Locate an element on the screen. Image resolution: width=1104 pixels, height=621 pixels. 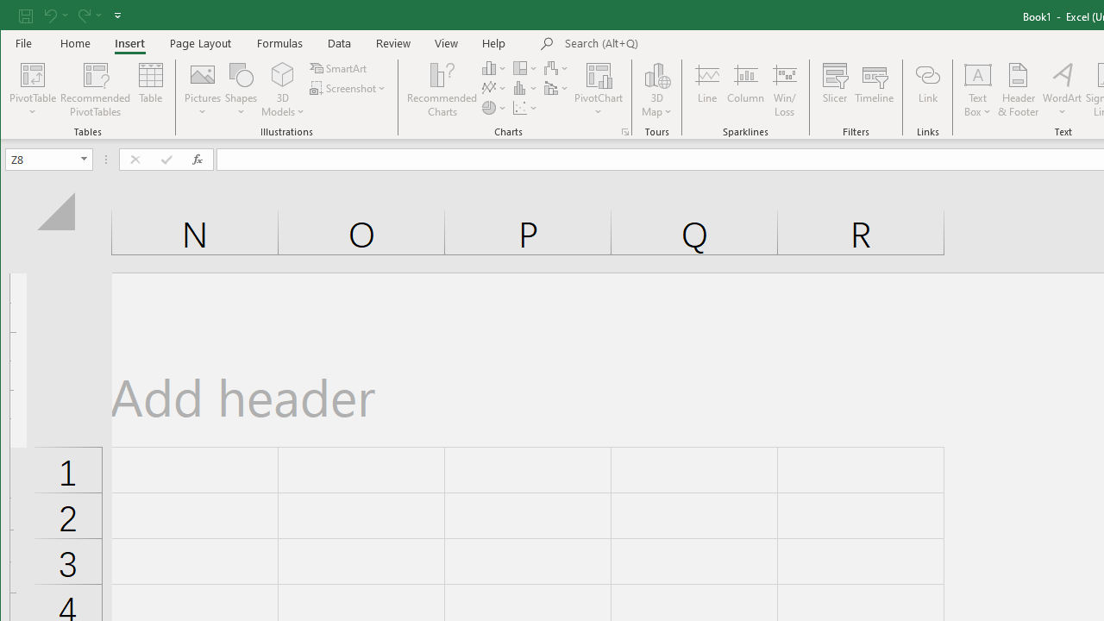
'Win/Loss' is located at coordinates (784, 90).